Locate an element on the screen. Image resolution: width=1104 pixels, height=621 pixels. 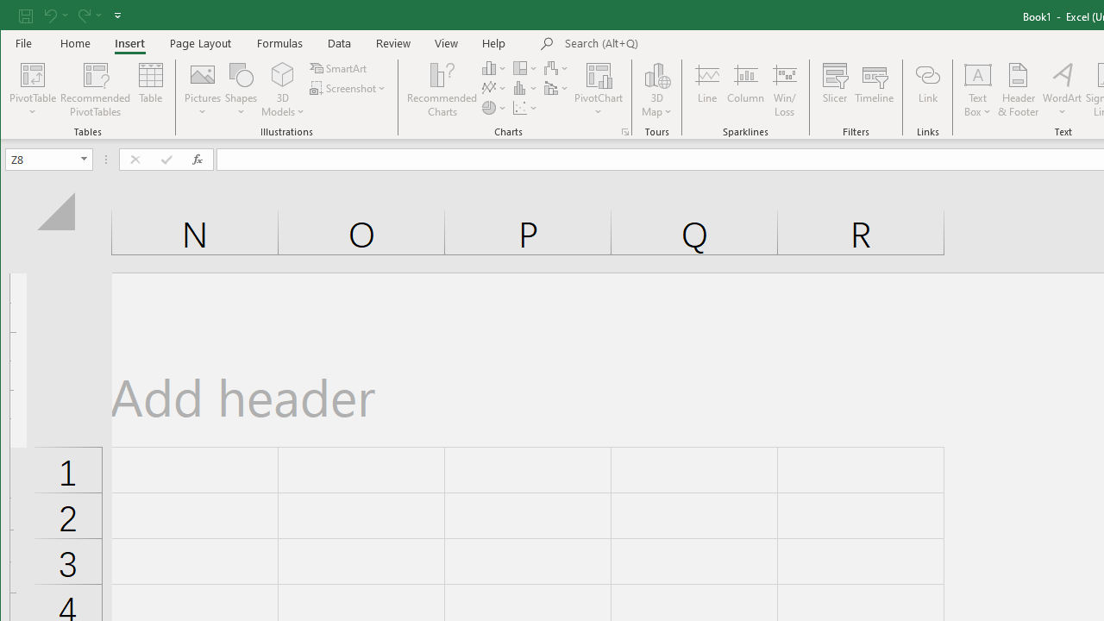
'Win/Loss' is located at coordinates (784, 90).